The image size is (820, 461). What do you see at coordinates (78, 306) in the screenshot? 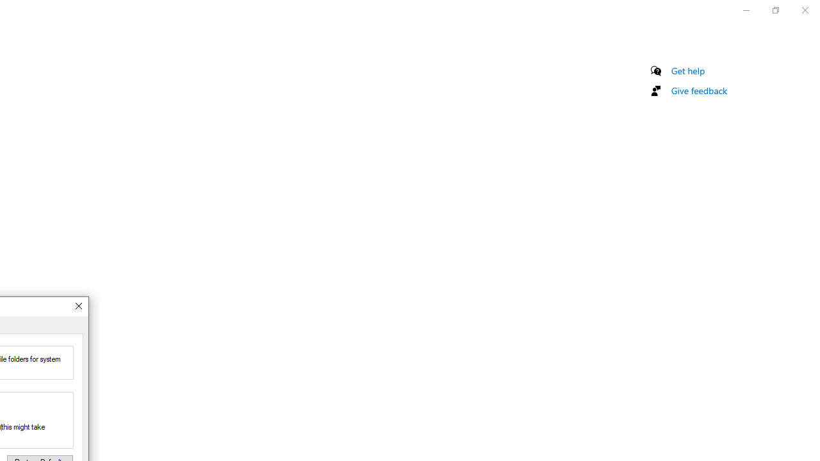
I see `'Close'` at bounding box center [78, 306].